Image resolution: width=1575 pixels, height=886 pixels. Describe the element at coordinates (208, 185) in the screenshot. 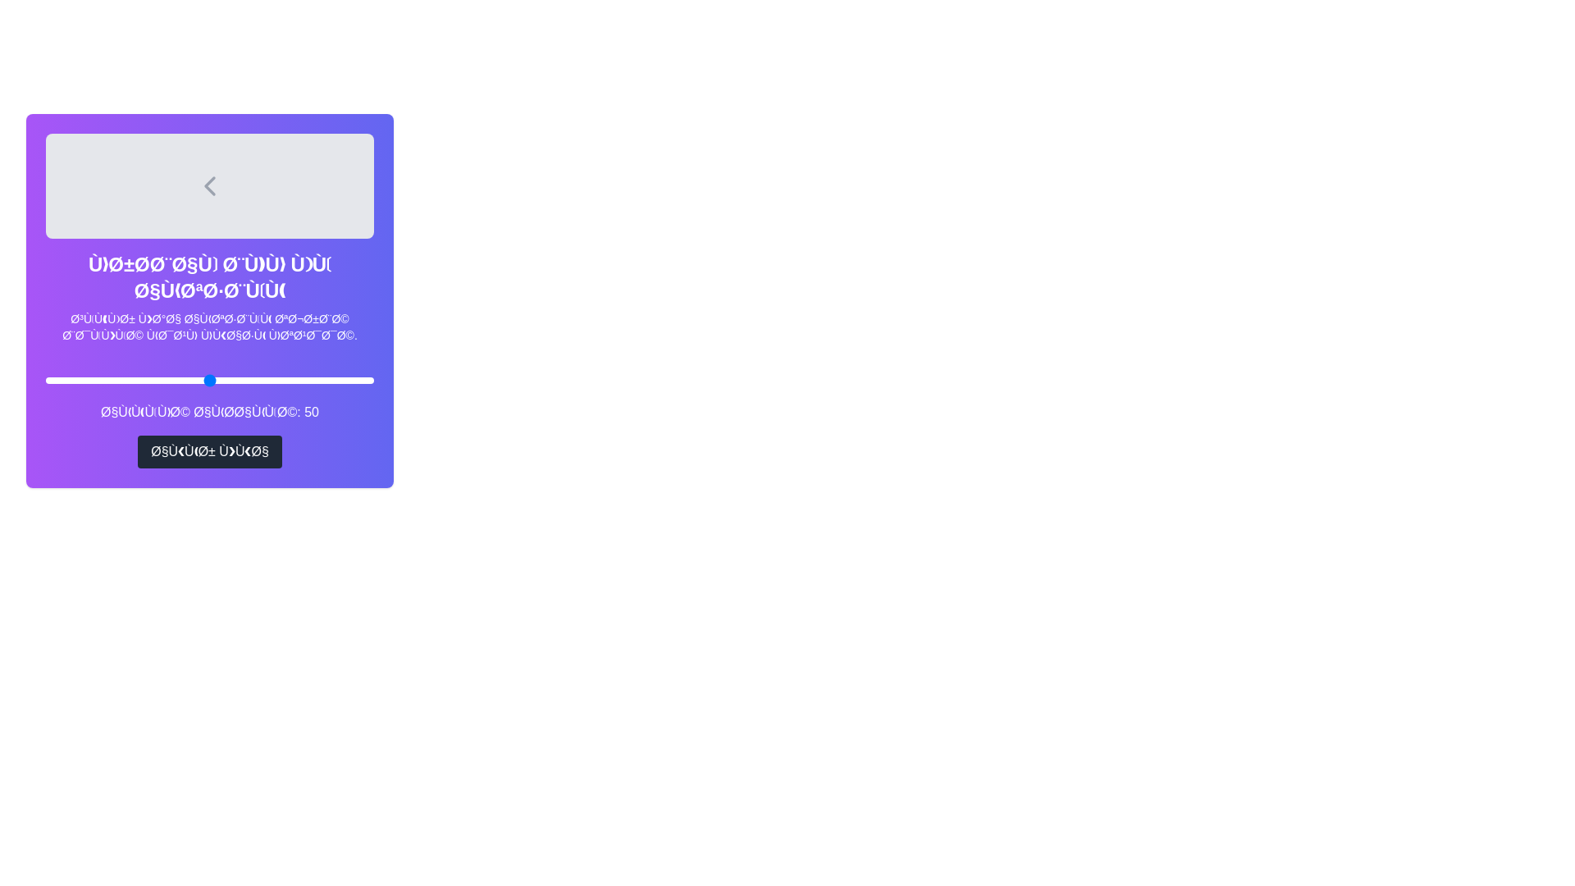

I see `the 'go back' or 'previous' icon located in the upper central part of the interface, within a gray rectangular section` at that location.